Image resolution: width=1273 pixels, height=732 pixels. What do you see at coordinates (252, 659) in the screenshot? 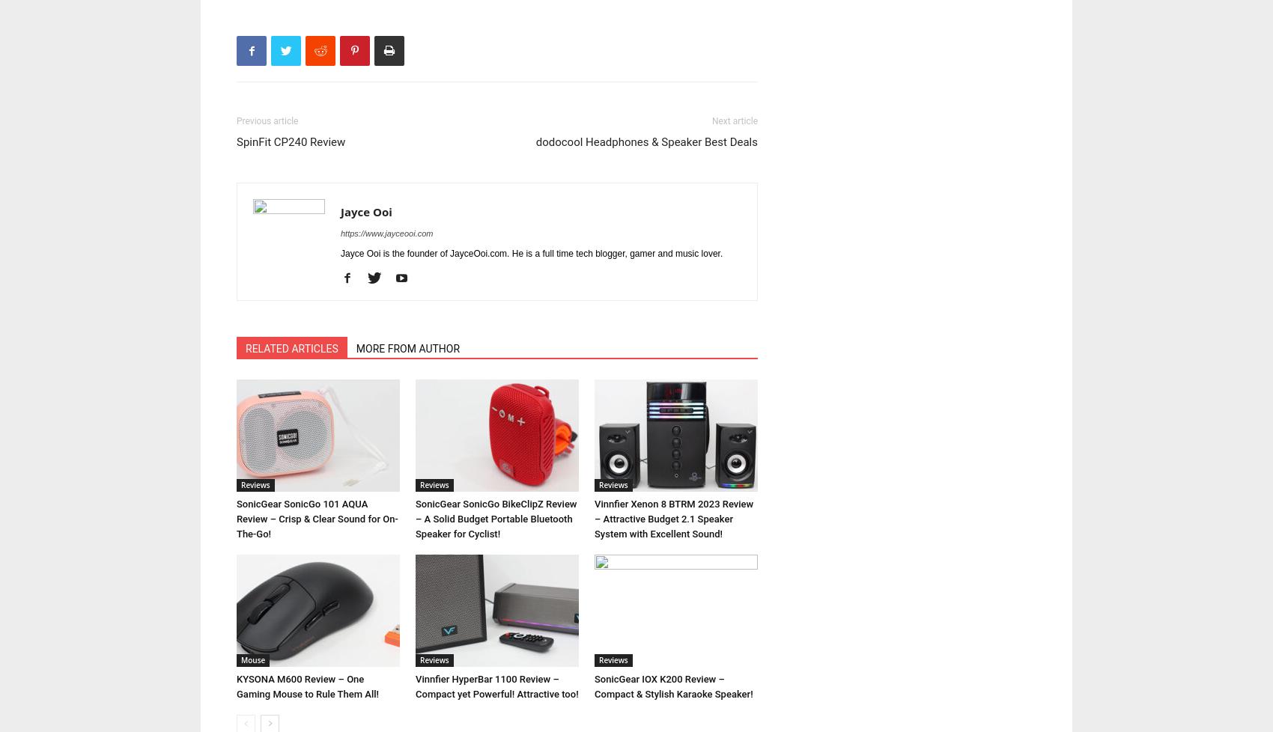
I see `'Mouse'` at bounding box center [252, 659].